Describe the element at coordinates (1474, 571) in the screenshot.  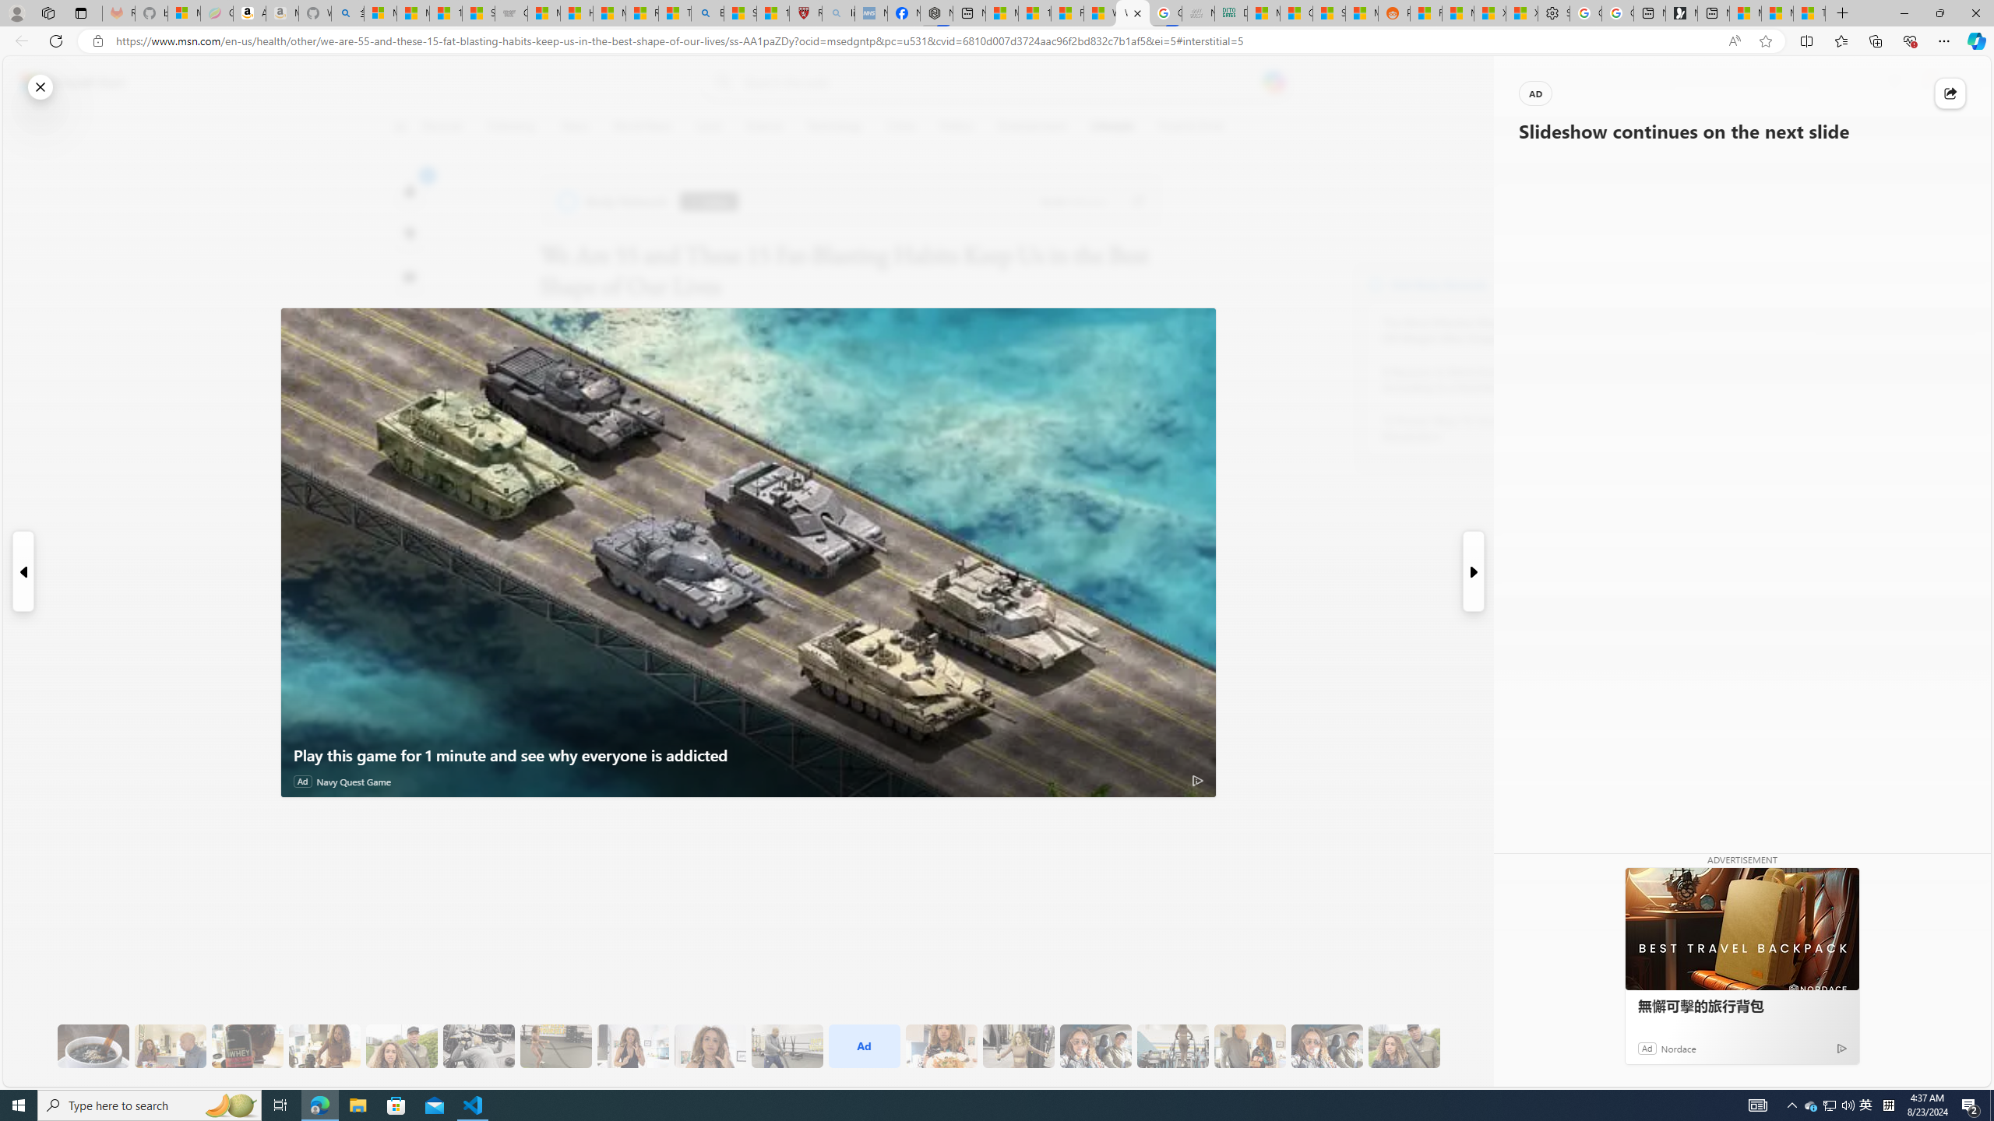
I see `'Next Slide'` at that location.